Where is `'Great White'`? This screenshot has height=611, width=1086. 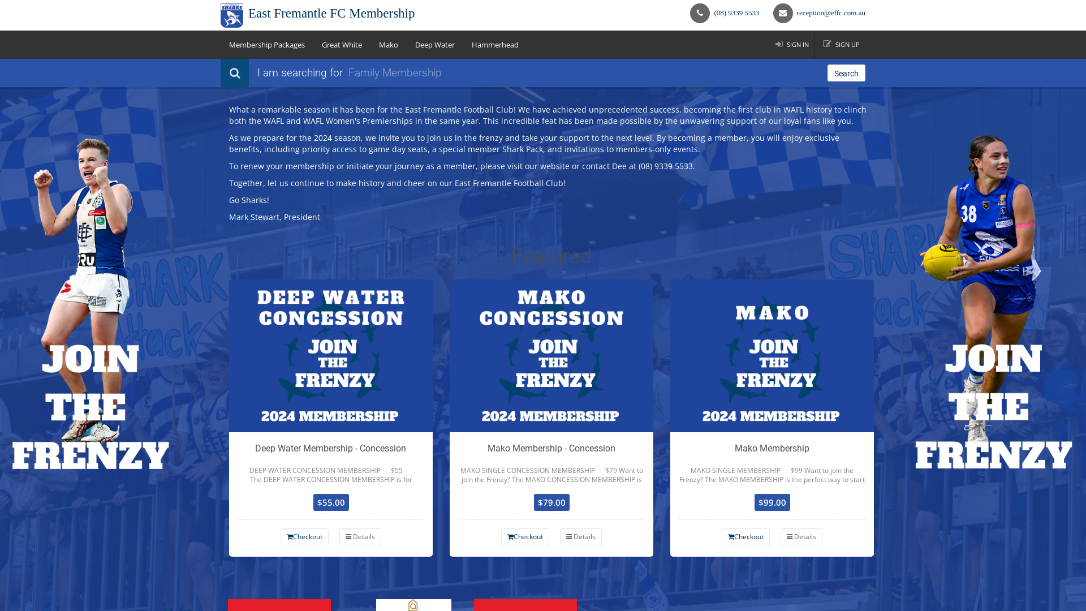 'Great White' is located at coordinates (341, 44).